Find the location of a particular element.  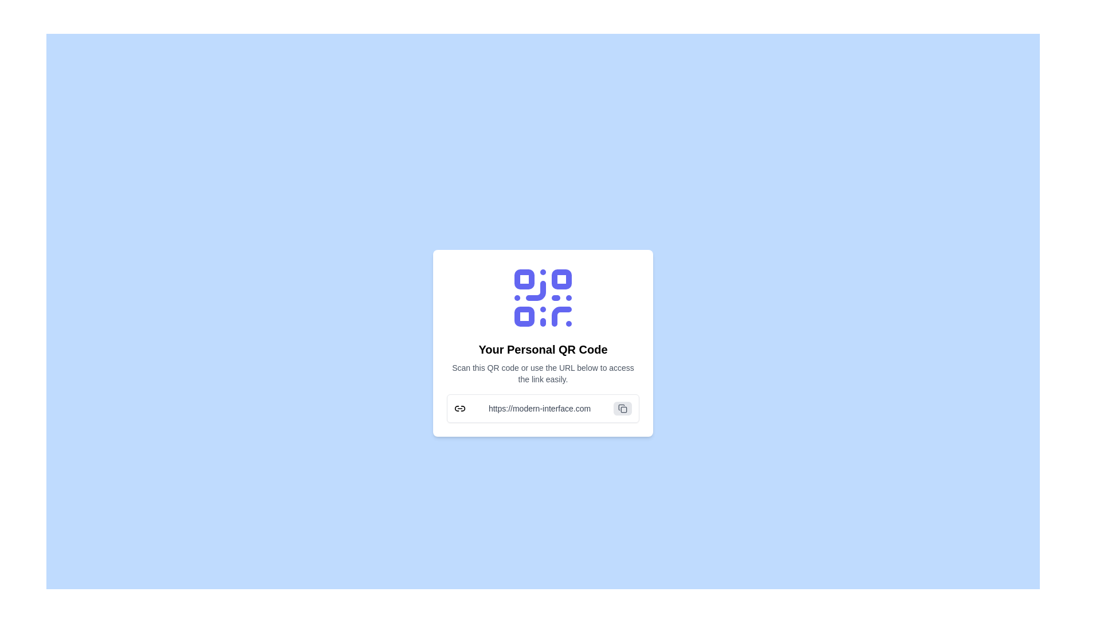

the copy-to-clipboard icon button located at the rightmost end of the rounded rectangle containing the URL link is located at coordinates (622, 408).